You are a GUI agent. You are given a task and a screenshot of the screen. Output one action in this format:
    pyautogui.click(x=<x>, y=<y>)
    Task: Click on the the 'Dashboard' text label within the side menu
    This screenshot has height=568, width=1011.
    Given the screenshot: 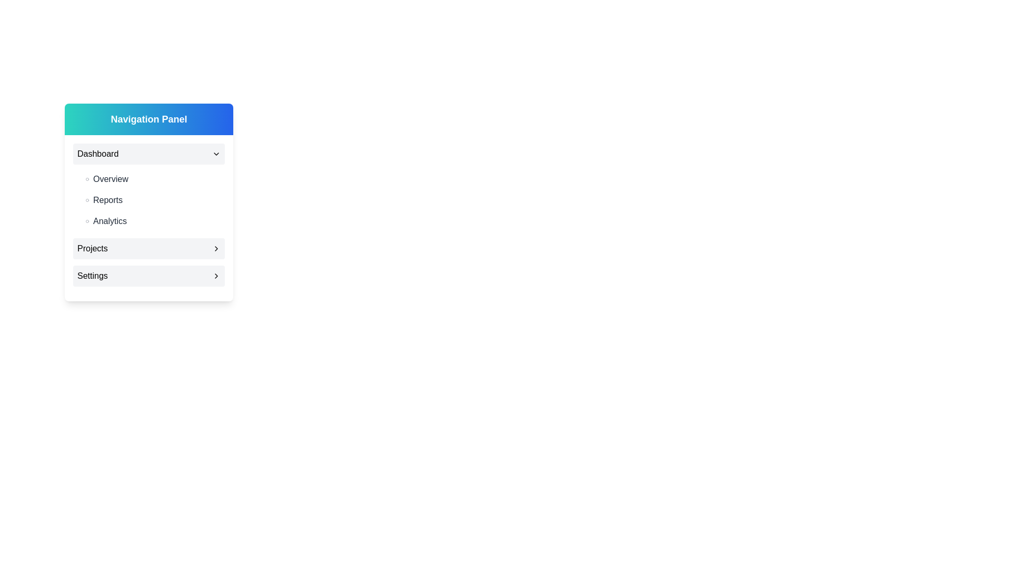 What is the action you would take?
    pyautogui.click(x=98, y=154)
    